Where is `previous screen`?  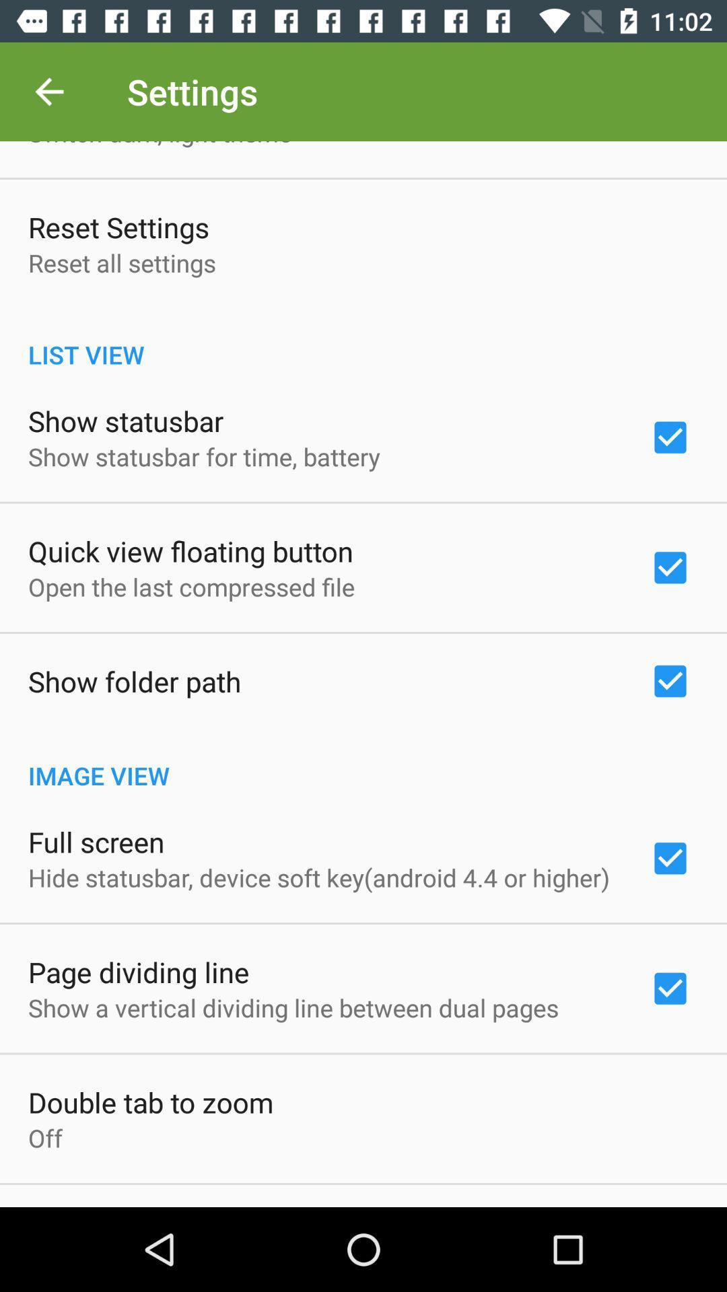
previous screen is located at coordinates (48, 91).